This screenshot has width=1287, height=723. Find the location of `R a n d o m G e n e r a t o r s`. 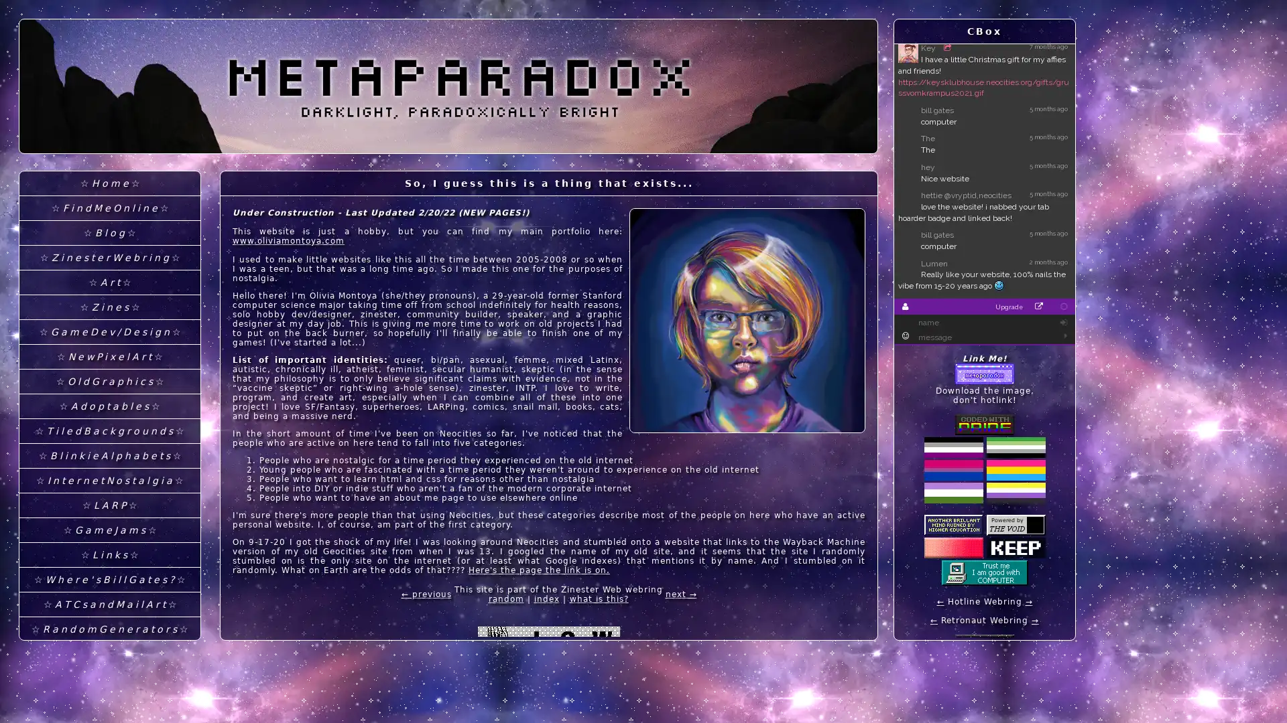

R a n d o m G e n e r a t o r s is located at coordinates (109, 629).